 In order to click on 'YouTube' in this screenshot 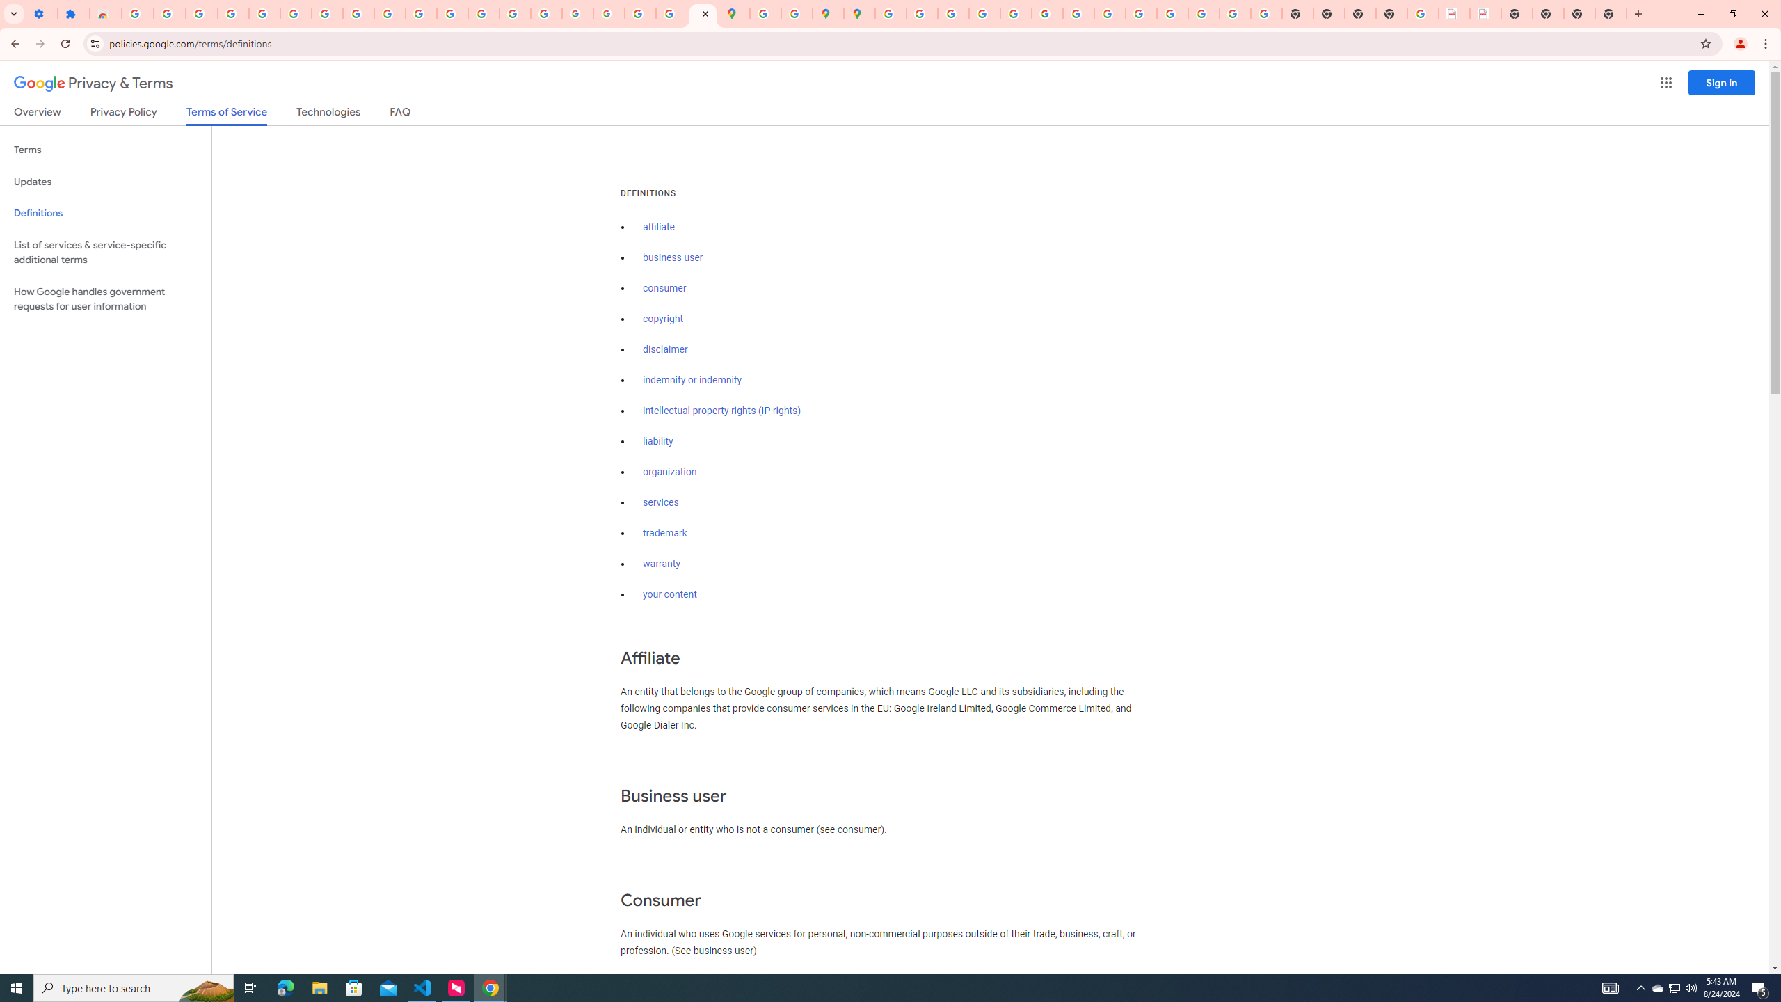, I will do `click(389, 13)`.